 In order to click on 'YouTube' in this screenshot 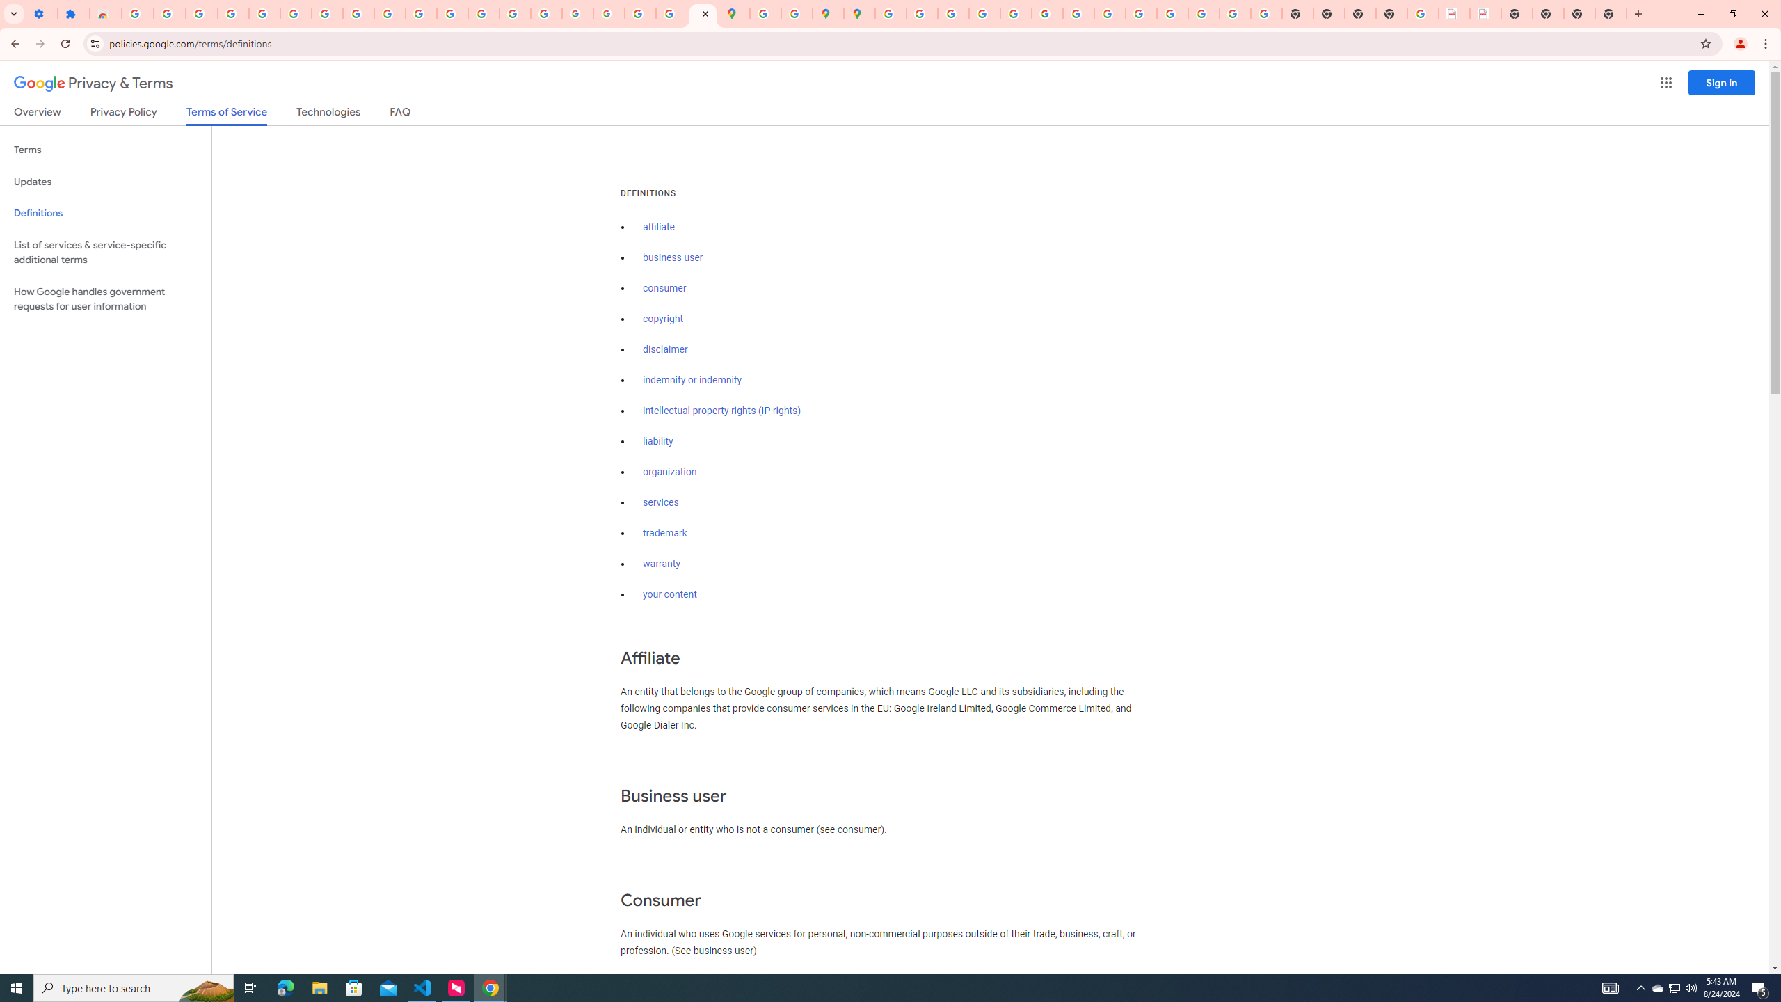, I will do `click(389, 13)`.